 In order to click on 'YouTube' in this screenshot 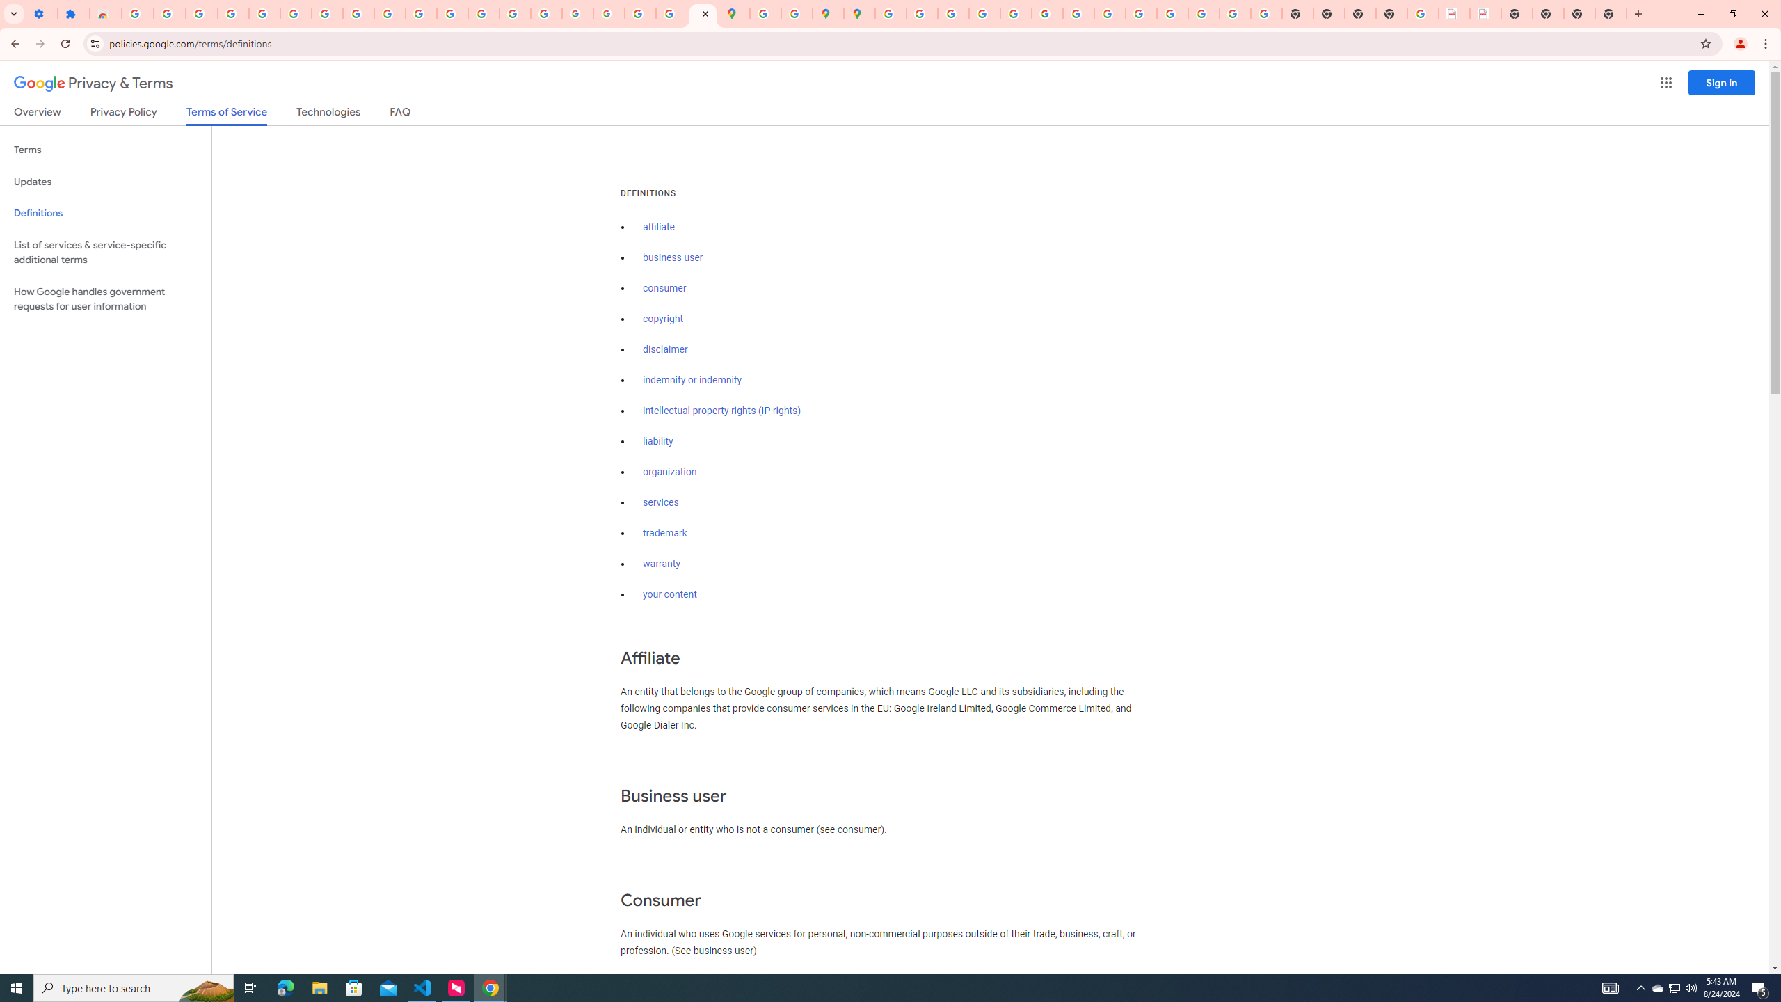, I will do `click(389, 13)`.